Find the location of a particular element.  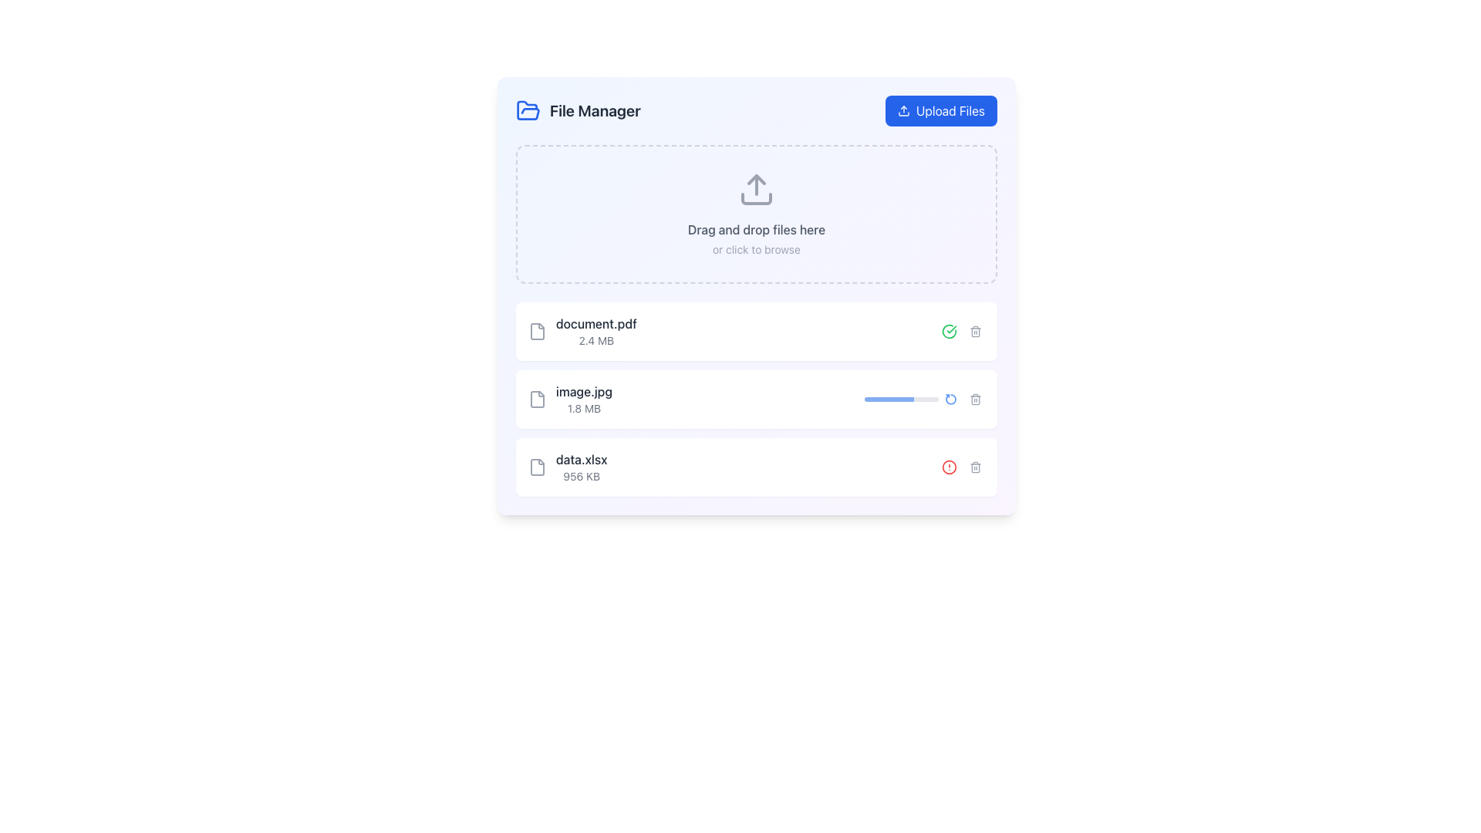

the upward-pointing arrow icon in the upload area, which is styled in light gray and is part of a graphical upload icon is located at coordinates (756, 178).